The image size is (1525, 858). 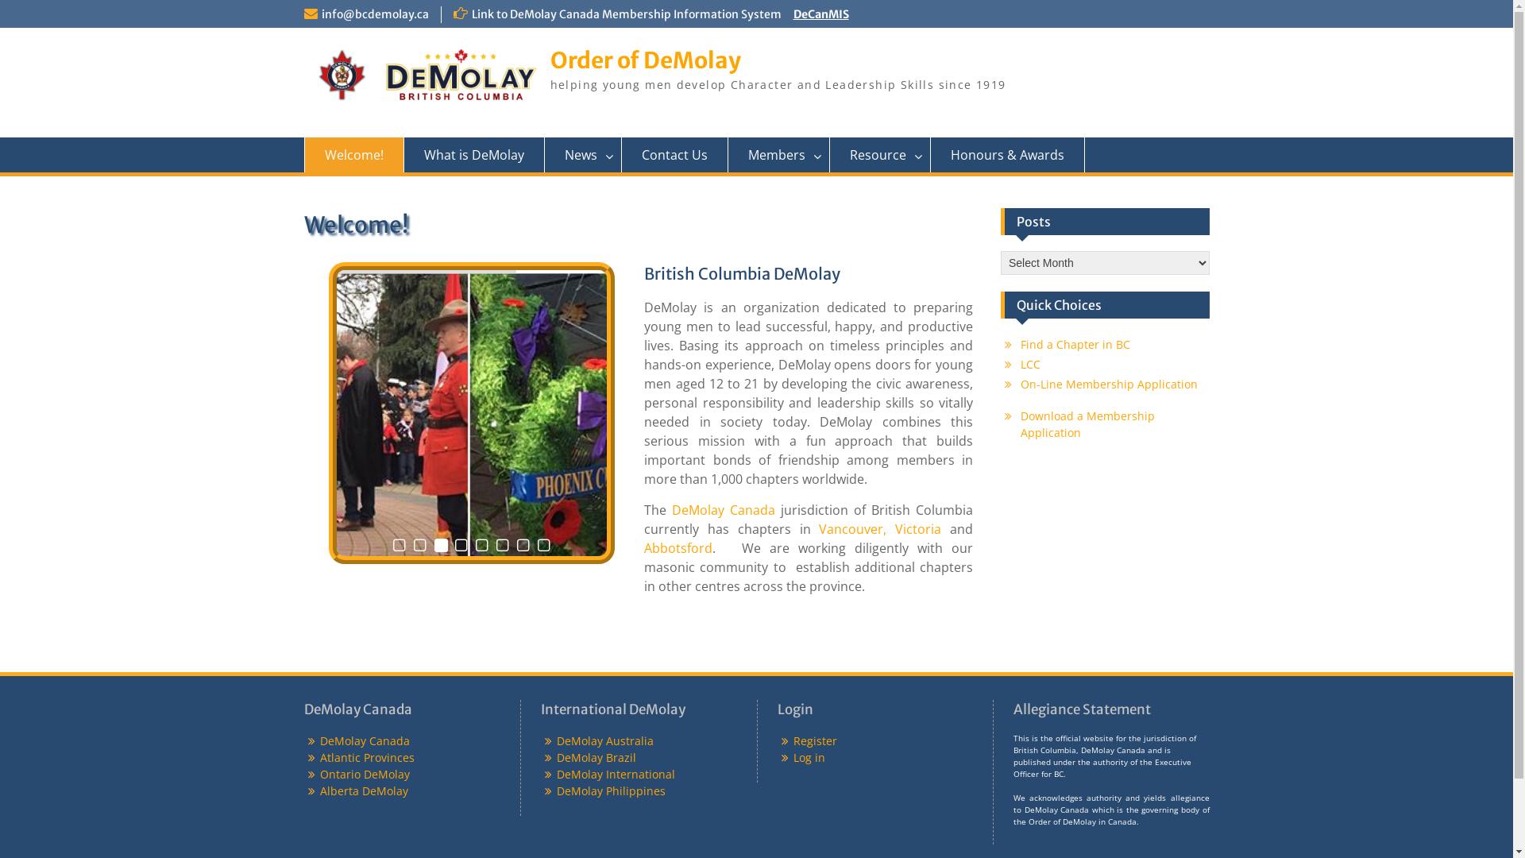 What do you see at coordinates (610, 790) in the screenshot?
I see `'DeMolay Philippines'` at bounding box center [610, 790].